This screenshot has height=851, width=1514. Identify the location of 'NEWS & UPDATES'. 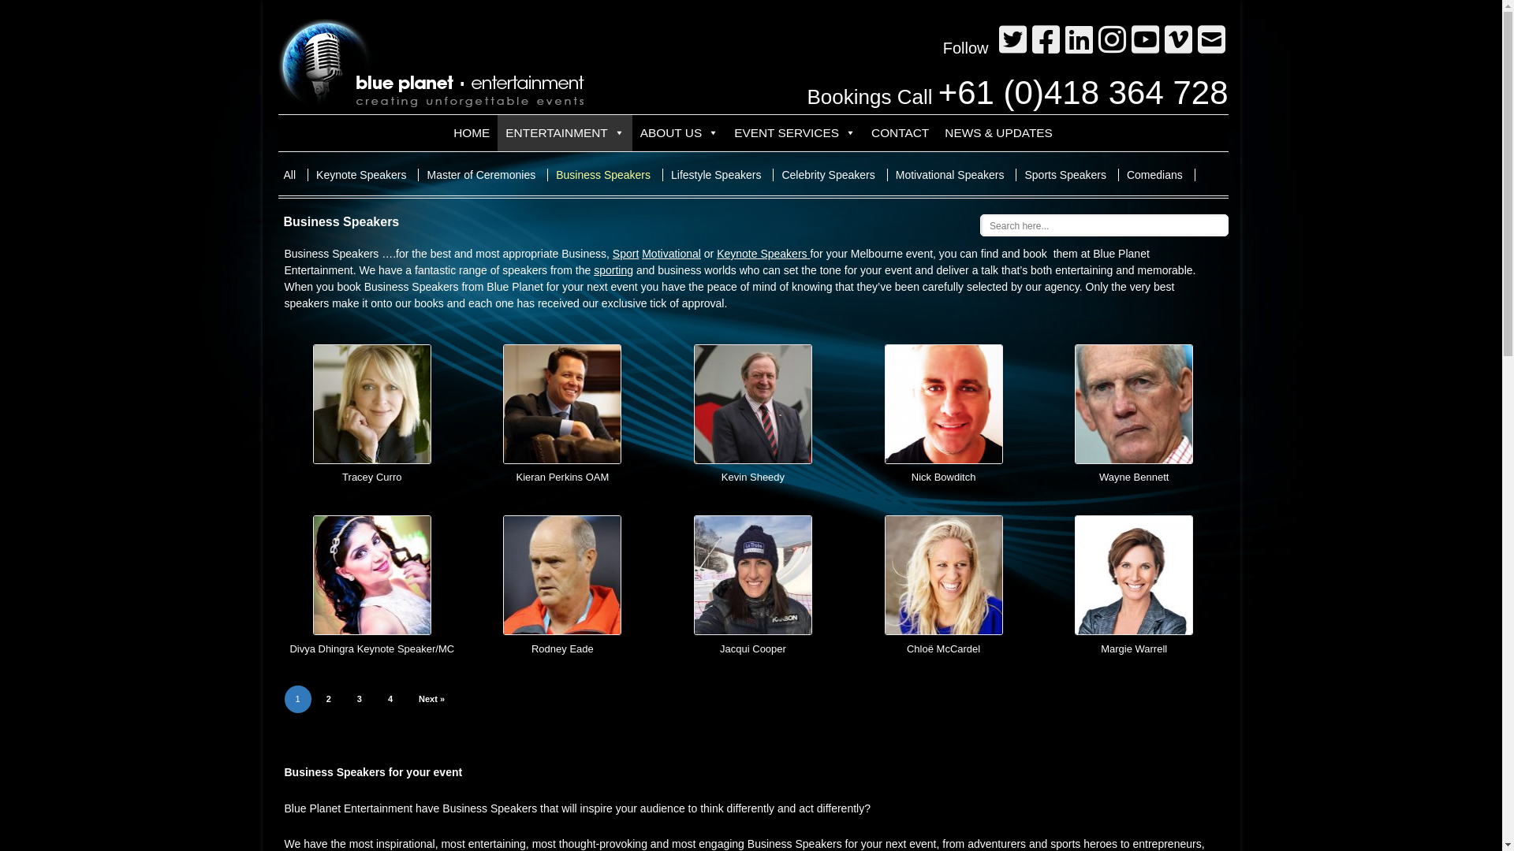
(998, 132).